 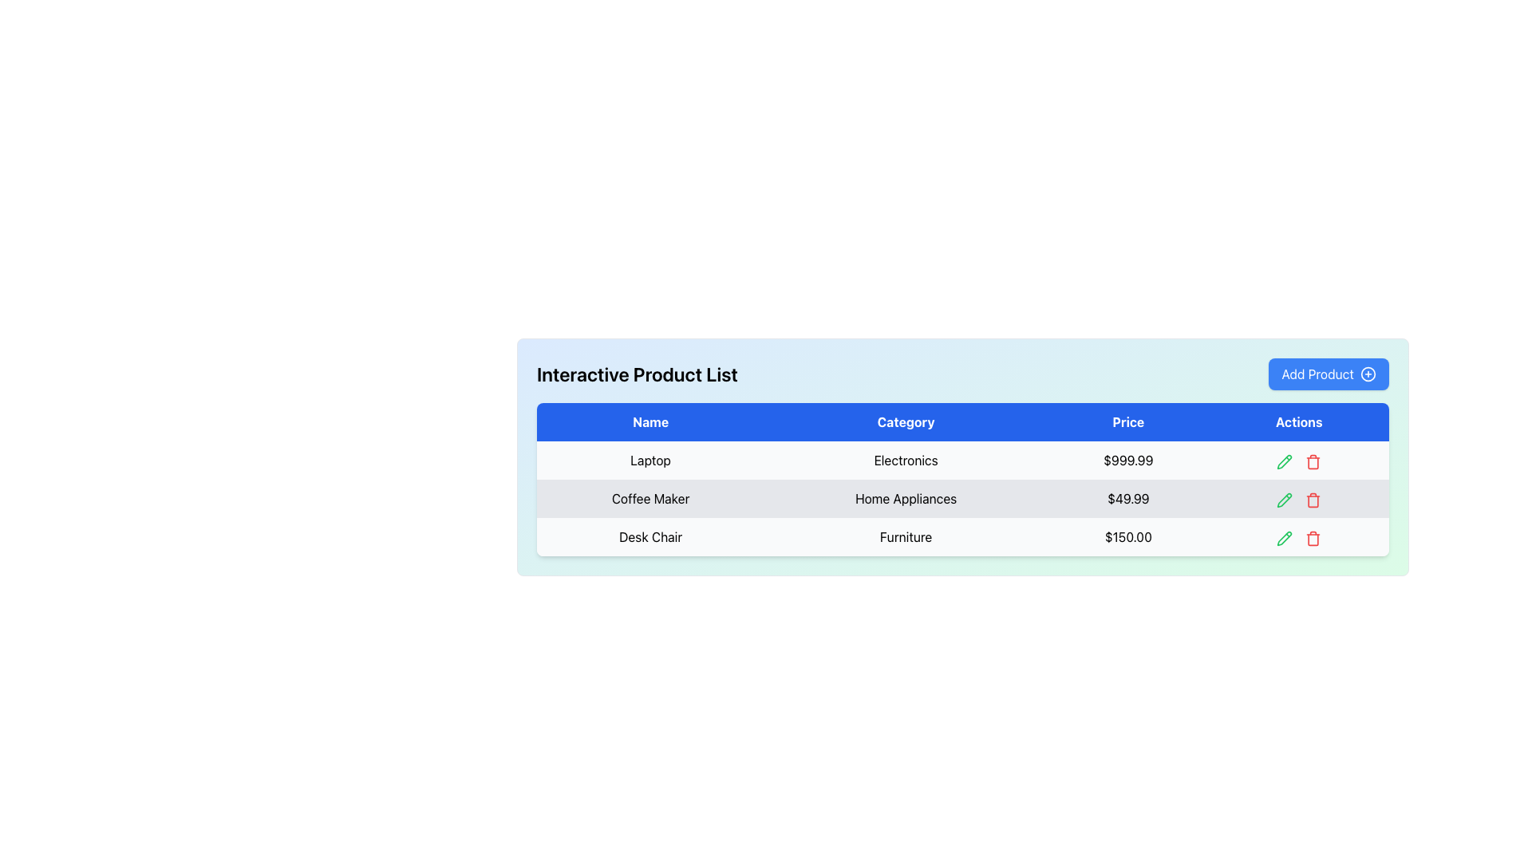 I want to click on the tabular row displaying the product 'Coffee Maker' in the table, so click(x=961, y=497).